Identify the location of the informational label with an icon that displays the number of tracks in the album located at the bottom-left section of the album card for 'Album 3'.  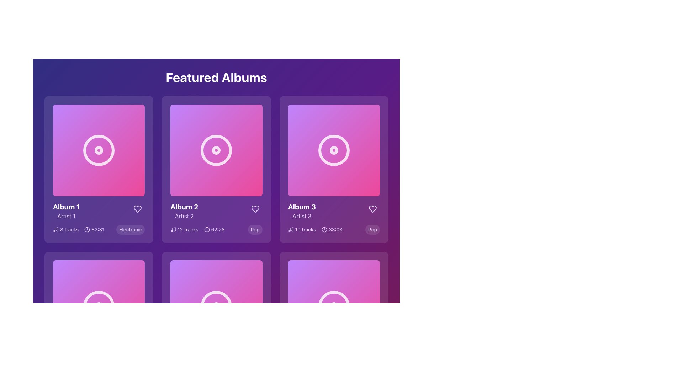
(302, 230).